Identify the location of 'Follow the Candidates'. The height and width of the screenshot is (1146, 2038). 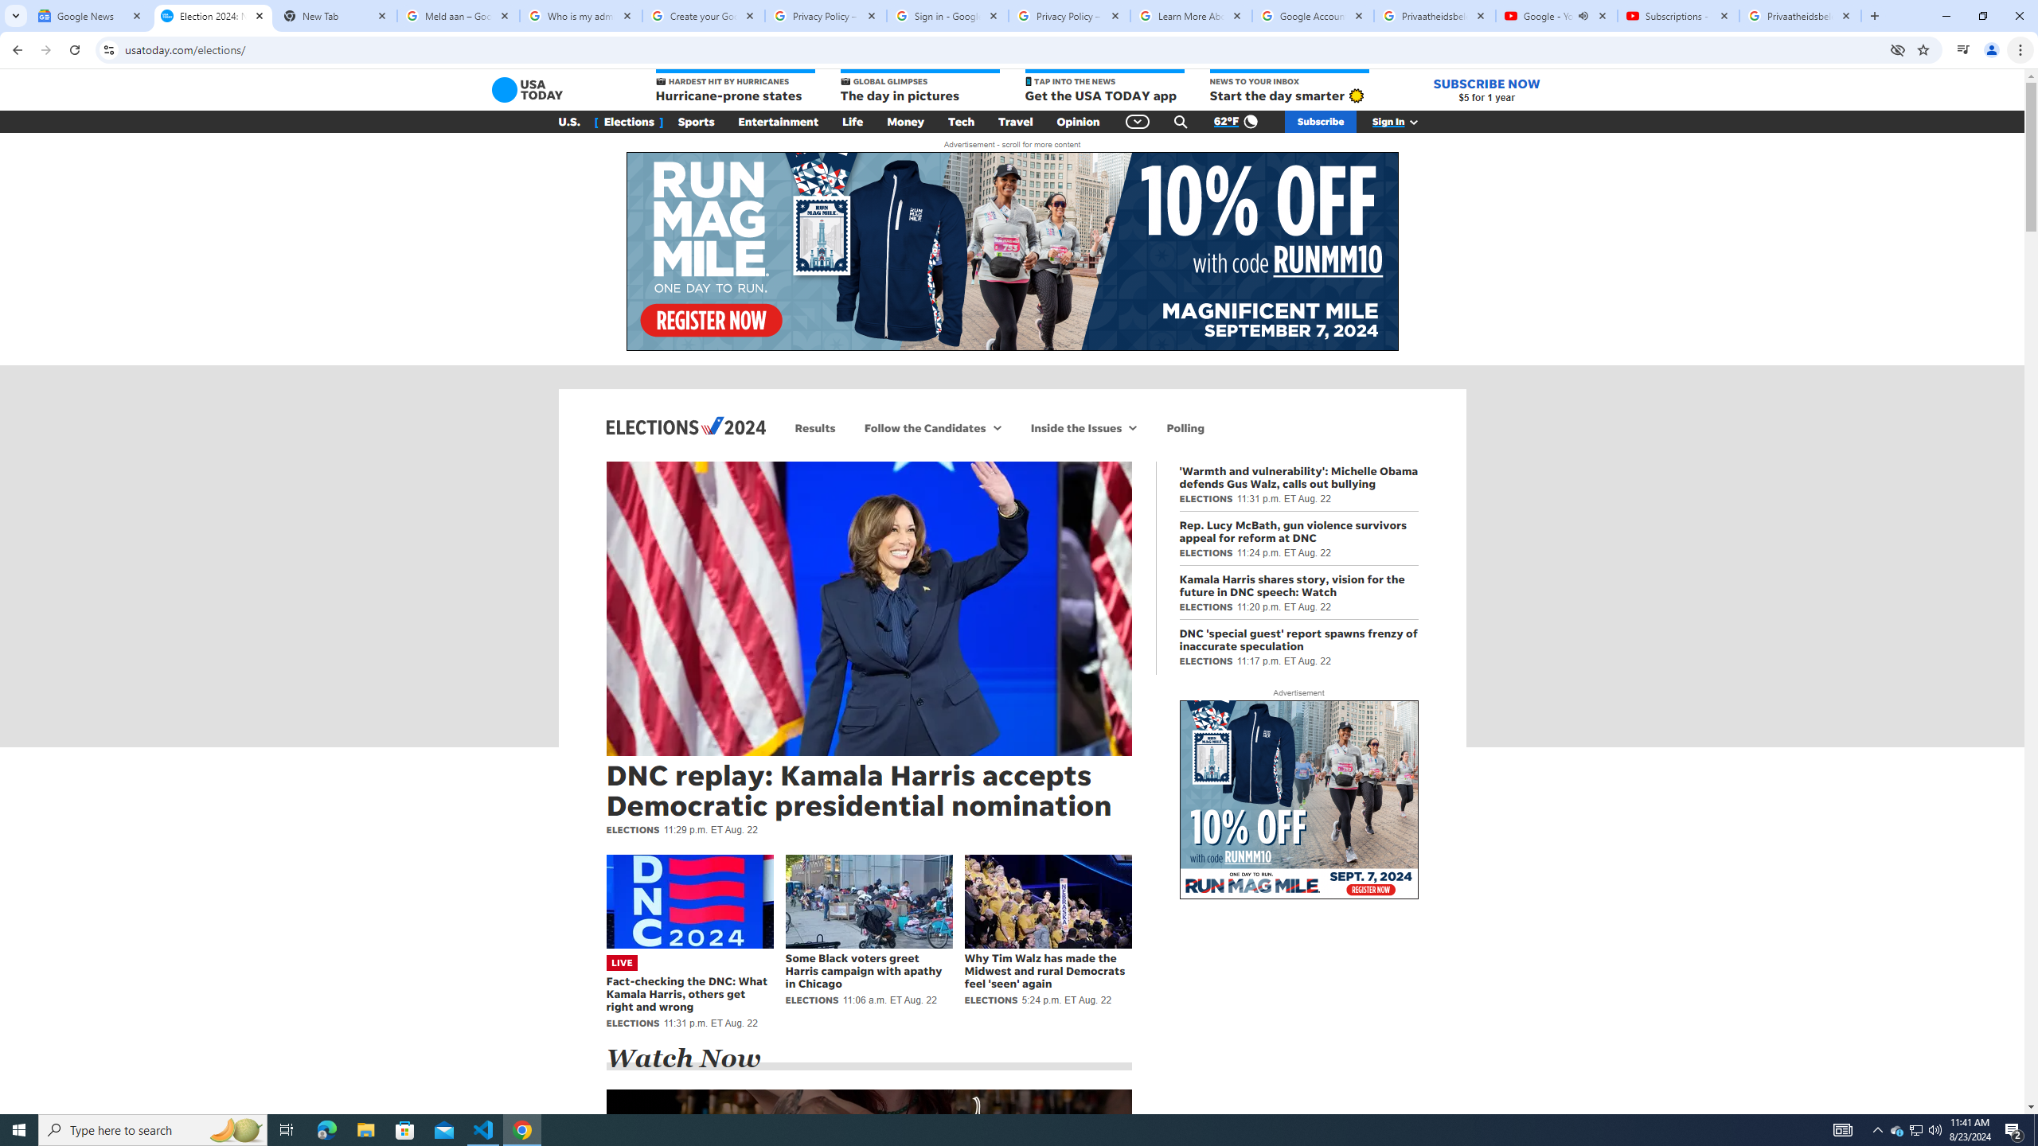
(921, 427).